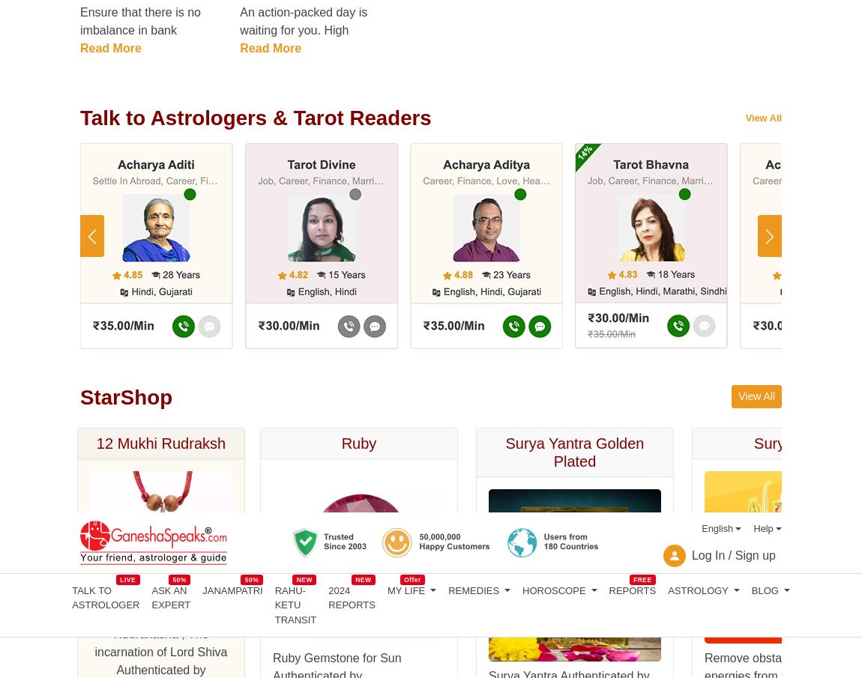 The image size is (862, 678). I want to click on 'Narendra Modi Birthday Special Prediction: His Horoscope Analysis for 2019', so click(176, 189).